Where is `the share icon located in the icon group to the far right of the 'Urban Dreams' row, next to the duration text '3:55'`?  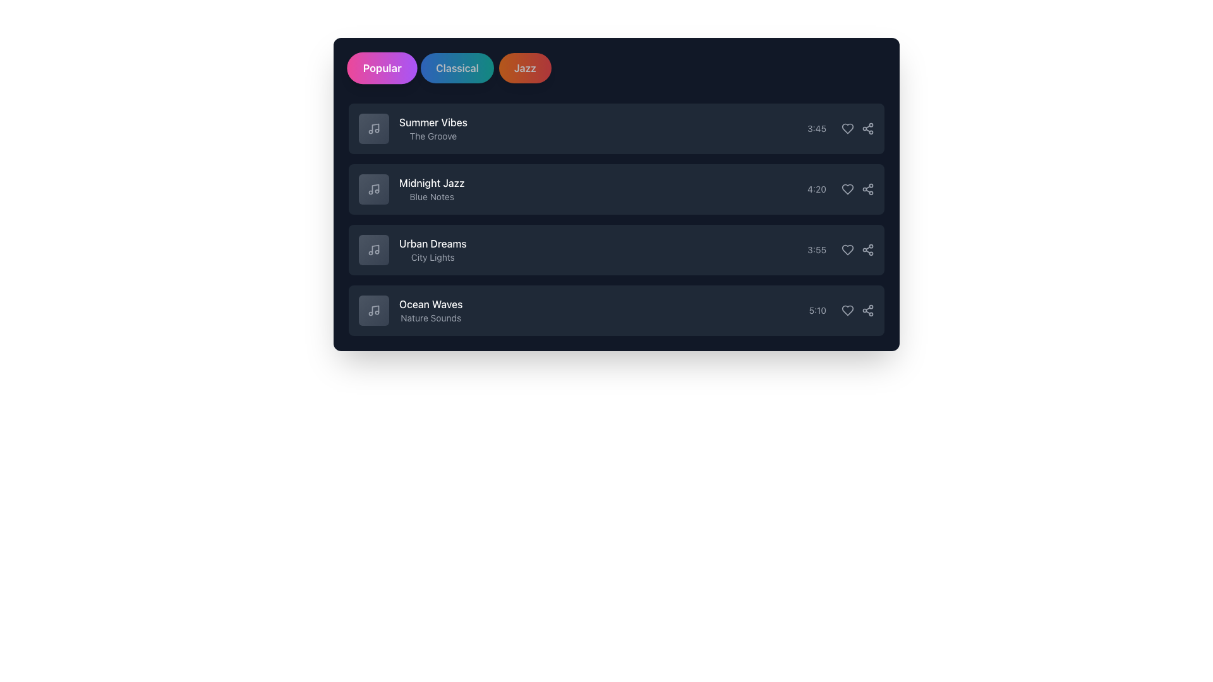
the share icon located in the icon group to the far right of the 'Urban Dreams' row, next to the duration text '3:55' is located at coordinates (858, 250).